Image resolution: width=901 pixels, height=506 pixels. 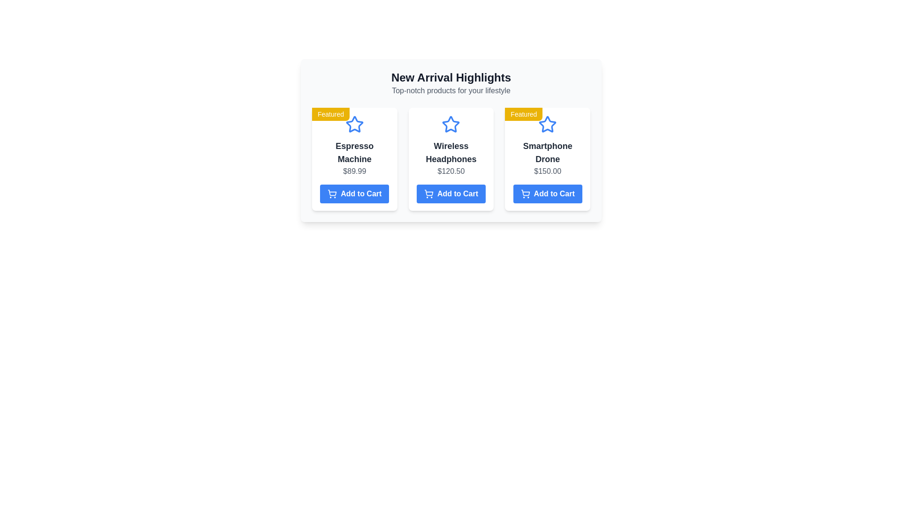 What do you see at coordinates (548, 124) in the screenshot?
I see `the featured product icon in the 'Smartphone Drone' product section` at bounding box center [548, 124].